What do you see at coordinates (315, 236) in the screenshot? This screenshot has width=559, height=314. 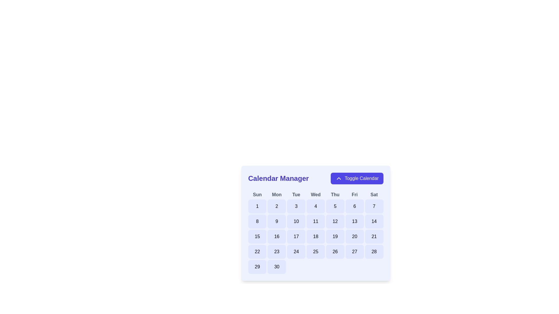 I see `the calendar day button representing the 18th day, located in the sixth column and third row of the calendar grid` at bounding box center [315, 236].